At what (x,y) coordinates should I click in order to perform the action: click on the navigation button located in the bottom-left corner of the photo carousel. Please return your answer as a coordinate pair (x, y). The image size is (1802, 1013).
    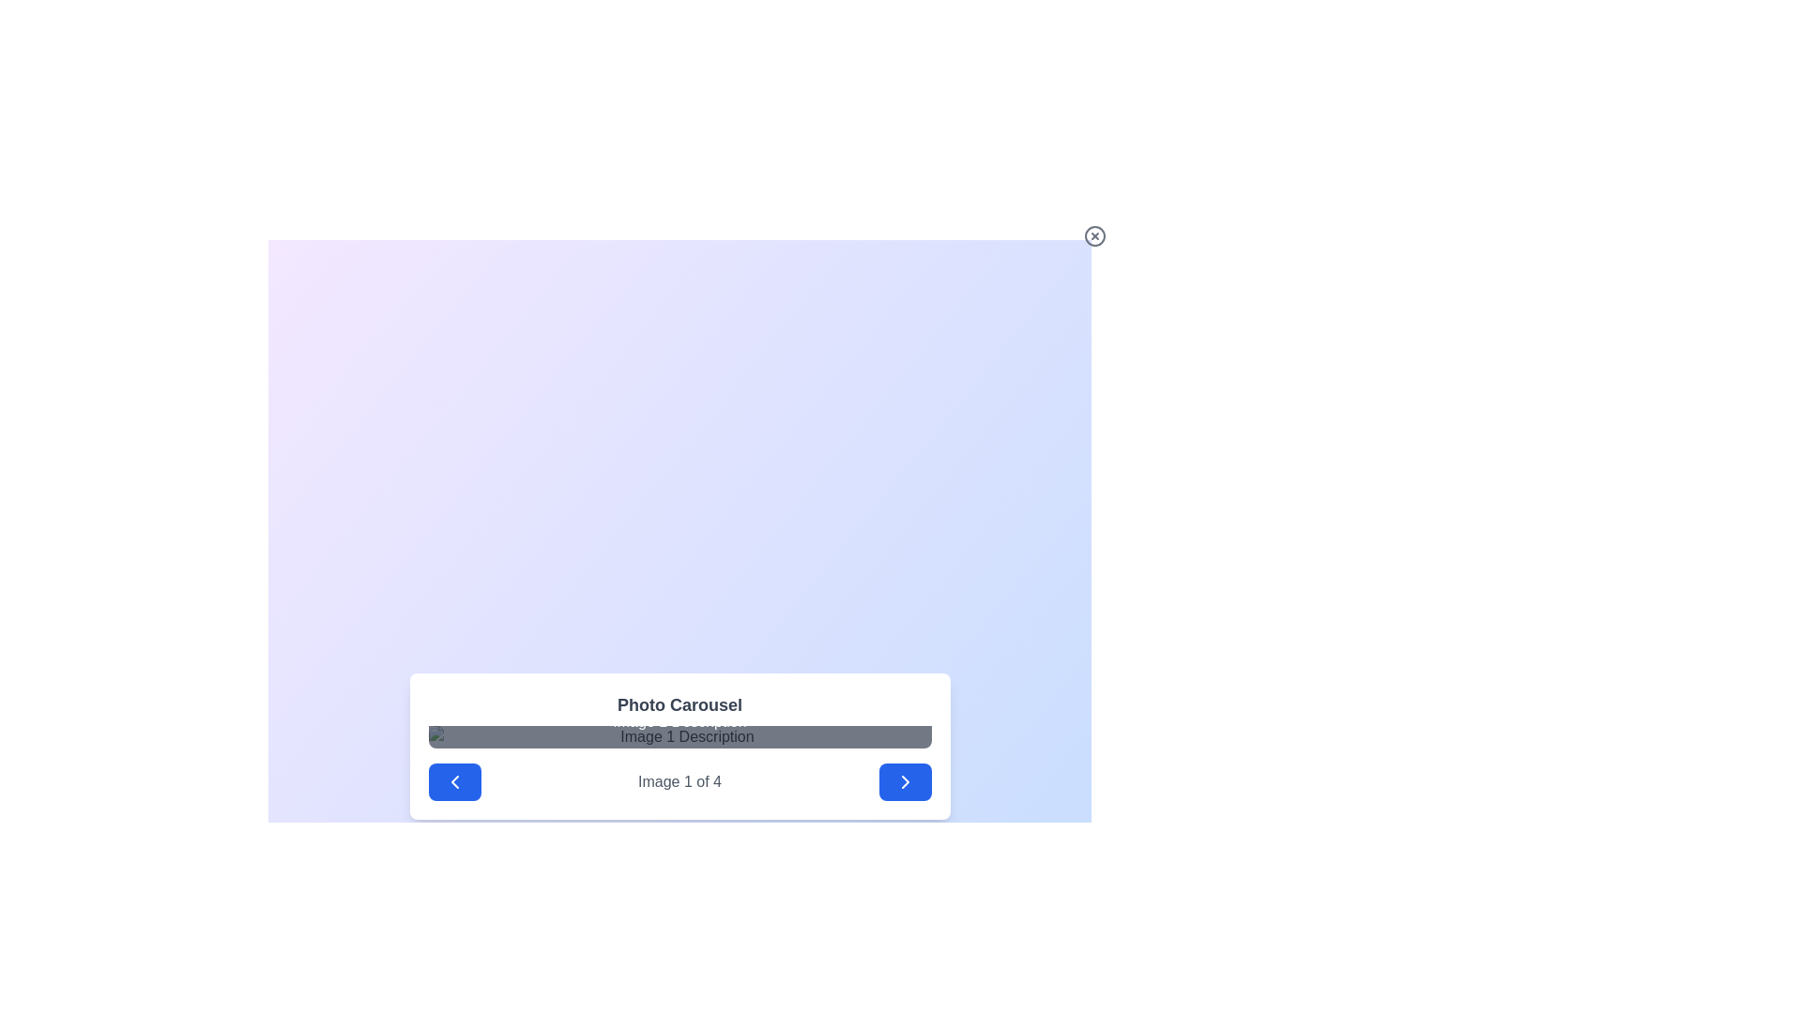
    Looking at the image, I should click on (454, 781).